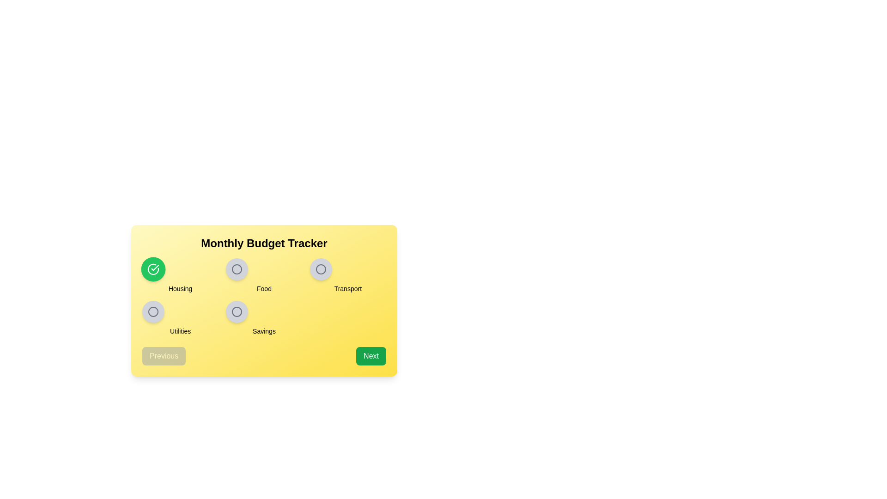 This screenshot has width=887, height=499. Describe the element at coordinates (237, 312) in the screenshot. I see `the grey circular button with a hollow center labeled 'Savings' located in the second row and second column of the grid on the yellow 'Monthly Budget Tracker' card` at that location.